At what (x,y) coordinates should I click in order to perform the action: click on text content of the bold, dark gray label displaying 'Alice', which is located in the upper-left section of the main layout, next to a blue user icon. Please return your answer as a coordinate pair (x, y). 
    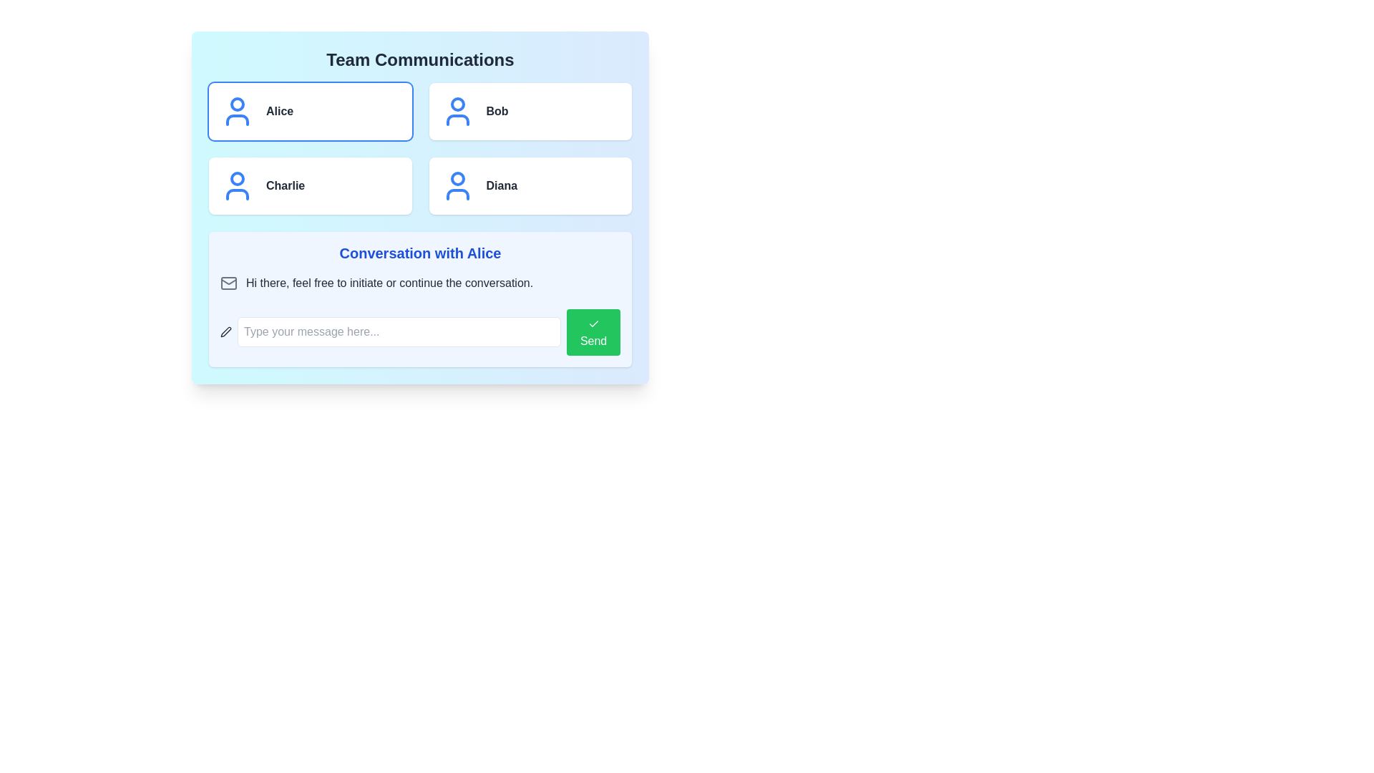
    Looking at the image, I should click on (280, 110).